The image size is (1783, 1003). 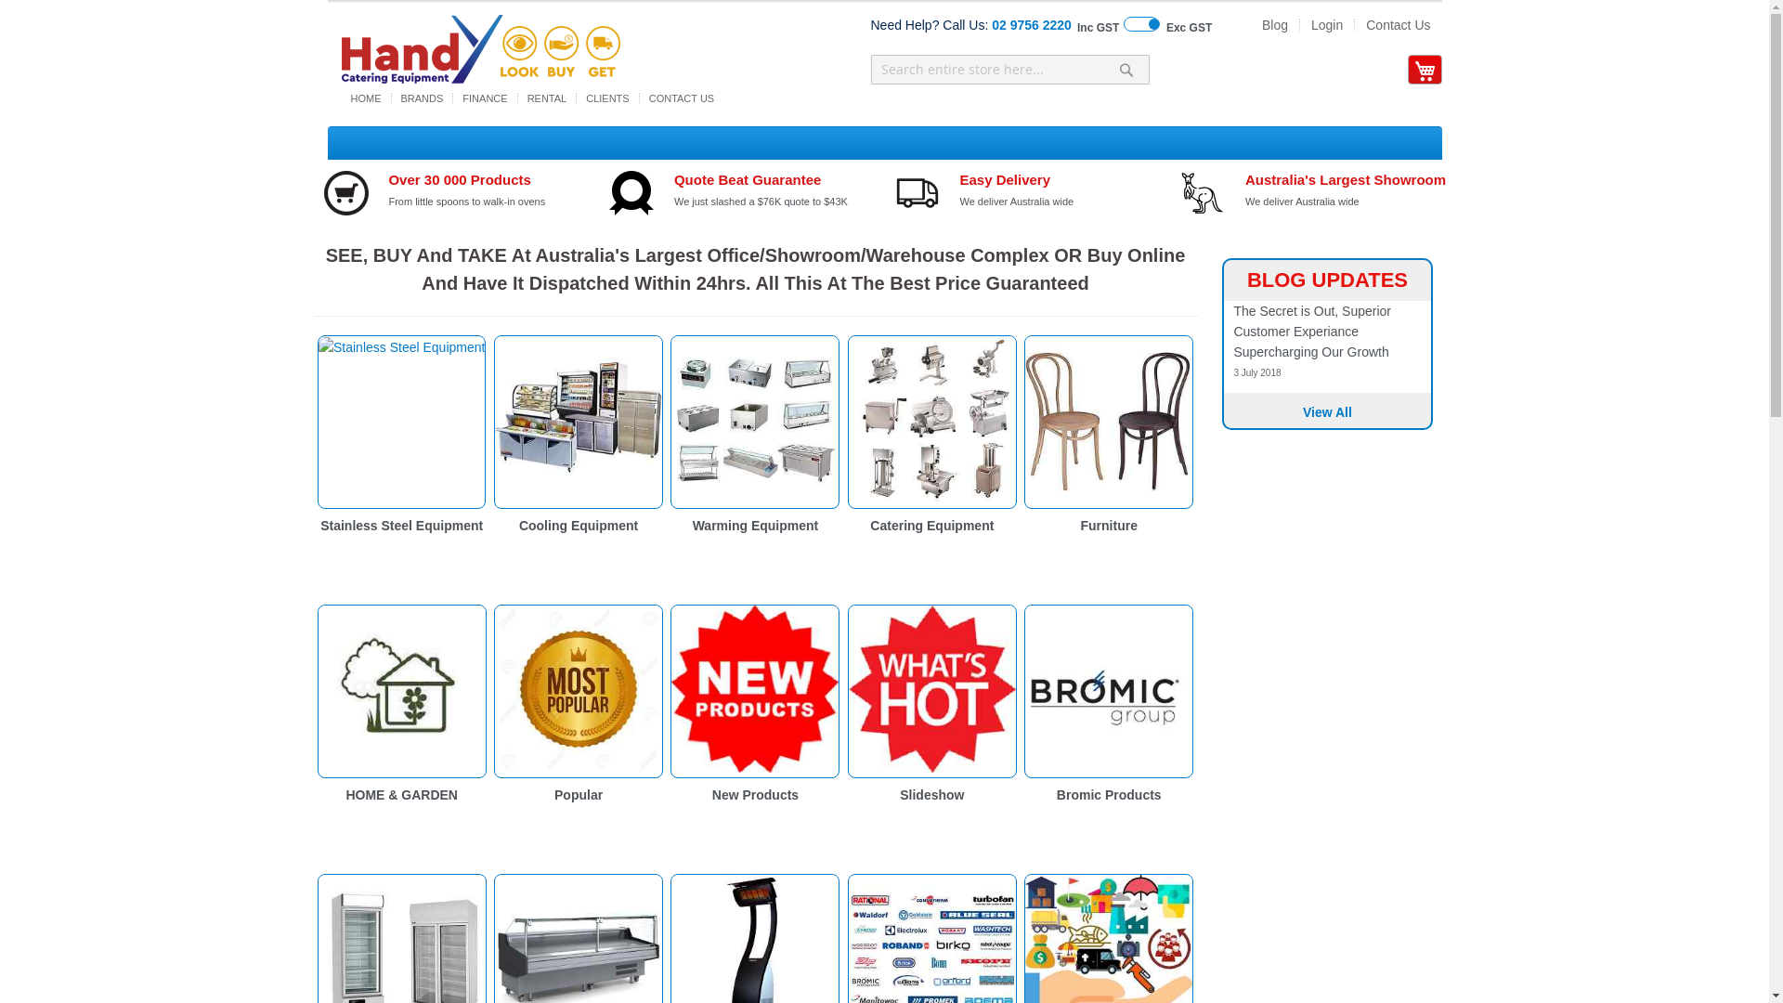 I want to click on 'Slideshow', so click(x=900, y=794).